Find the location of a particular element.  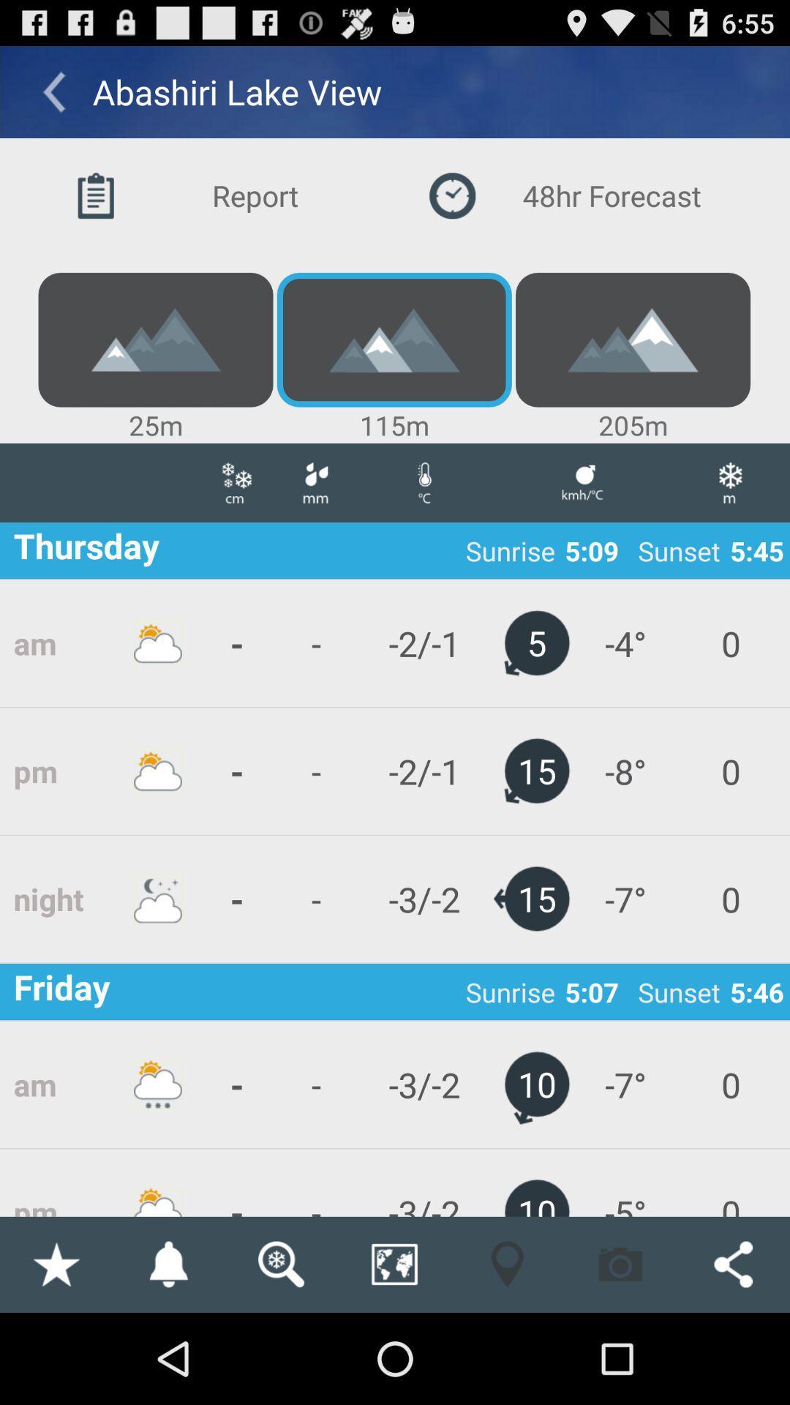

the star icon is located at coordinates (55, 1352).